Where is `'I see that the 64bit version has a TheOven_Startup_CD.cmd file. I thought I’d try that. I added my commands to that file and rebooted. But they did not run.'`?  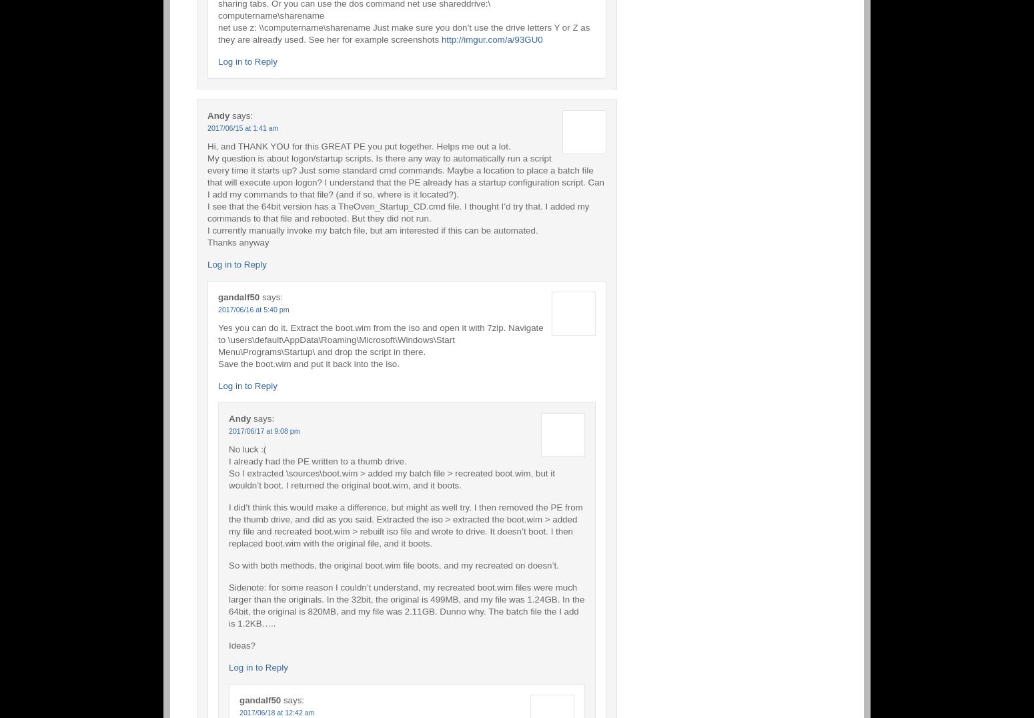 'I see that the 64bit version has a TheOven_Startup_CD.cmd file. I thought I’d try that. I added my commands to that file and rebooted. But they did not run.' is located at coordinates (398, 212).